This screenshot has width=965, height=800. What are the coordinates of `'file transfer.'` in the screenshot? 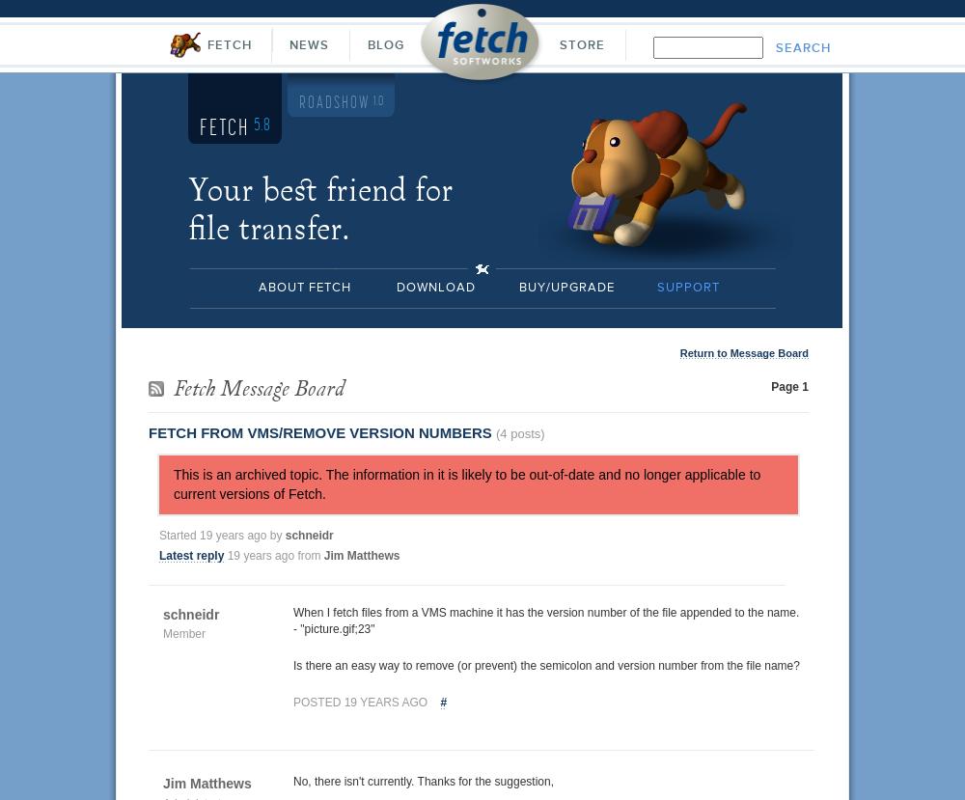 It's located at (269, 231).